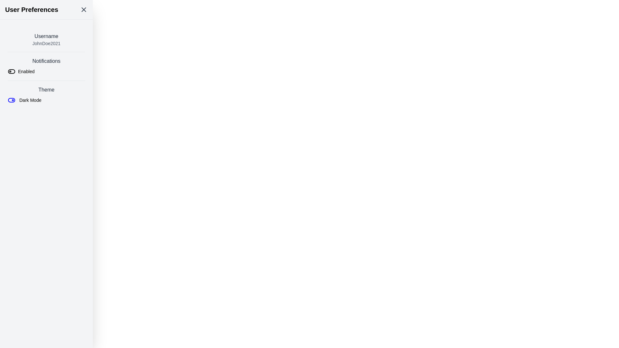 The image size is (619, 348). What do you see at coordinates (46, 72) in the screenshot?
I see `the toggle control for notifications to change its state between enabled and disabled` at bounding box center [46, 72].